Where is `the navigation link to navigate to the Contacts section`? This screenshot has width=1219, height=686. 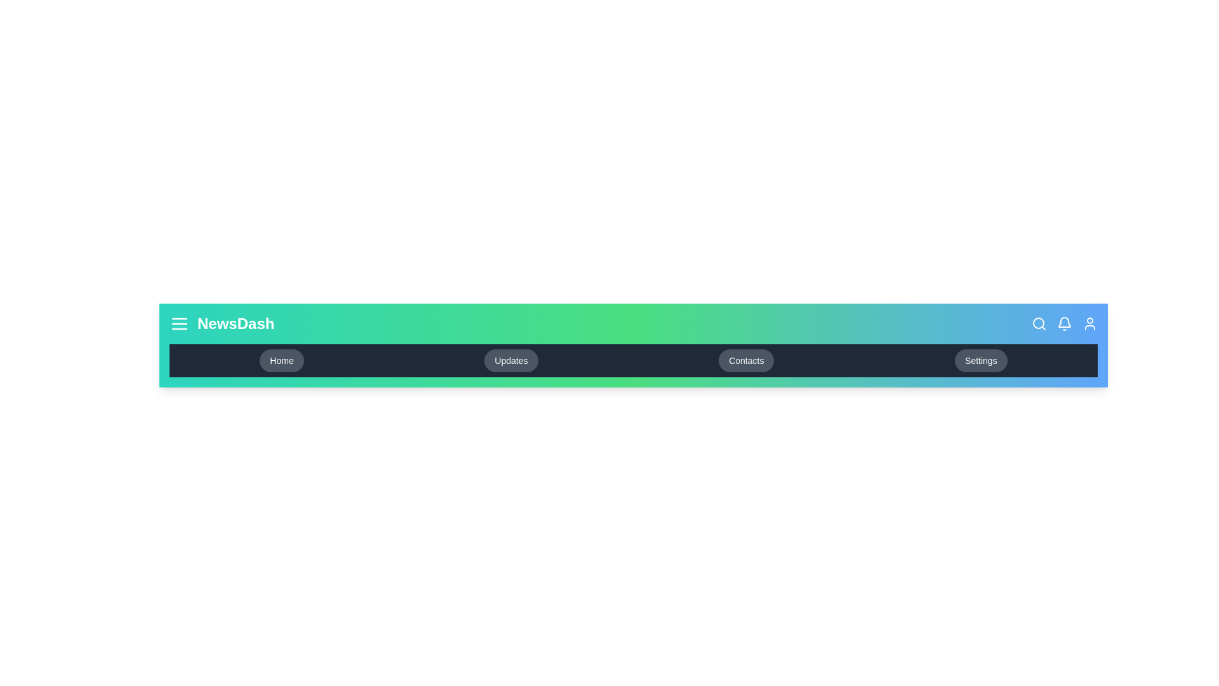 the navigation link to navigate to the Contacts section is located at coordinates (747, 360).